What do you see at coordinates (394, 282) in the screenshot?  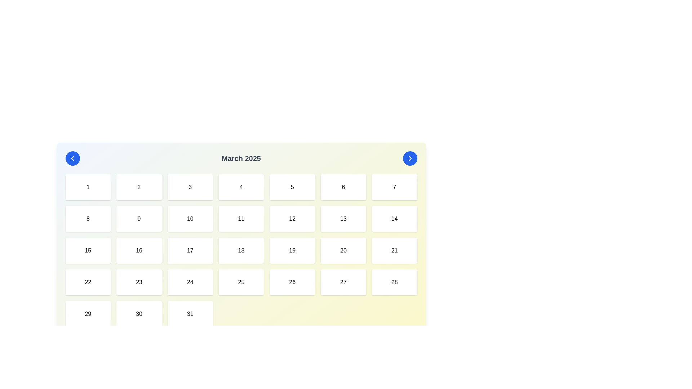 I see `the clickable grid cell representing the date '28' in the calendar layout for March 2025` at bounding box center [394, 282].